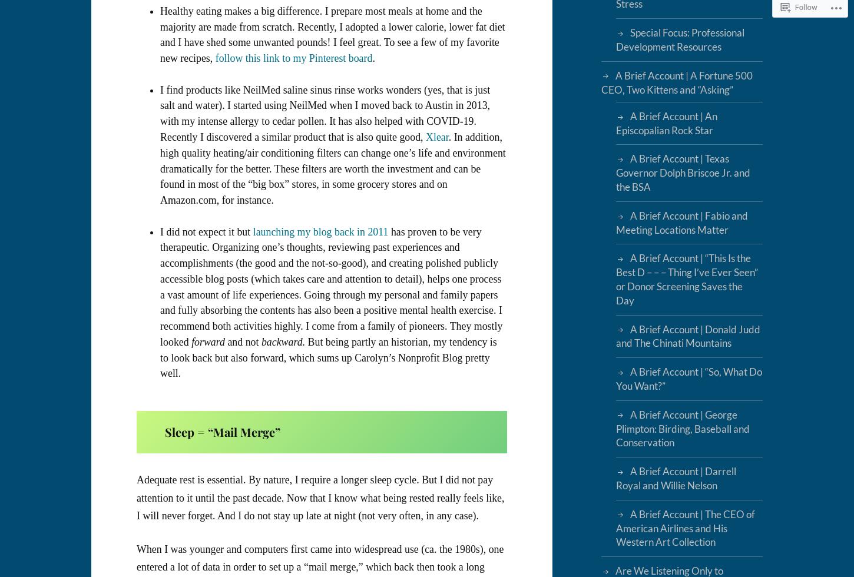 Image resolution: width=854 pixels, height=577 pixels. Describe the element at coordinates (252, 231) in the screenshot. I see `'launching my blog back in 2011'` at that location.